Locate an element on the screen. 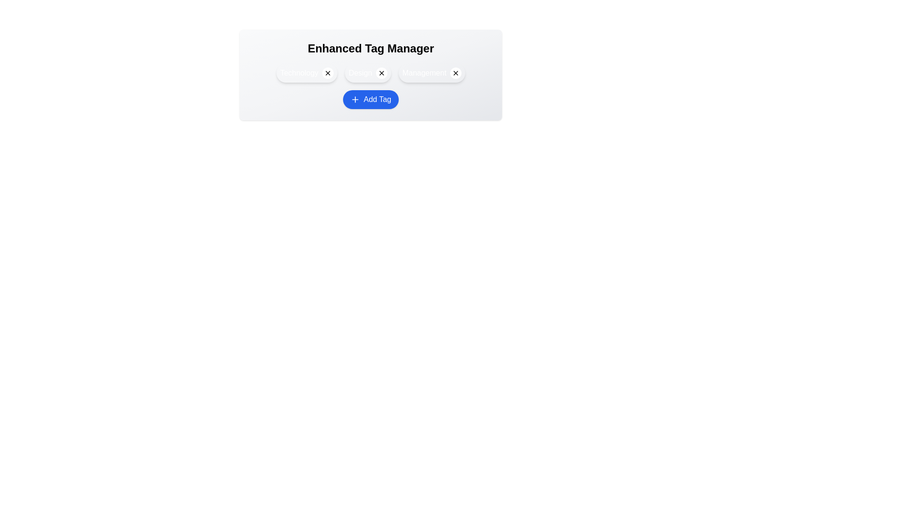 This screenshot has height=510, width=906. close button of the tag labeled 'Design' to remove it is located at coordinates (381, 72).